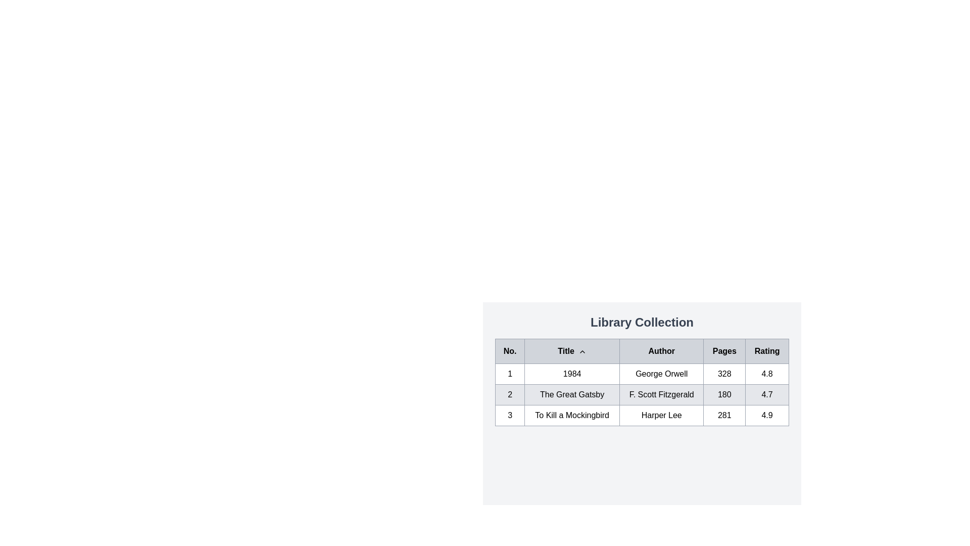 The height and width of the screenshot is (546, 970). I want to click on the text display cell containing the rating '4.8' in the 'Rating' column of the book '1984' in the table, so click(767, 374).